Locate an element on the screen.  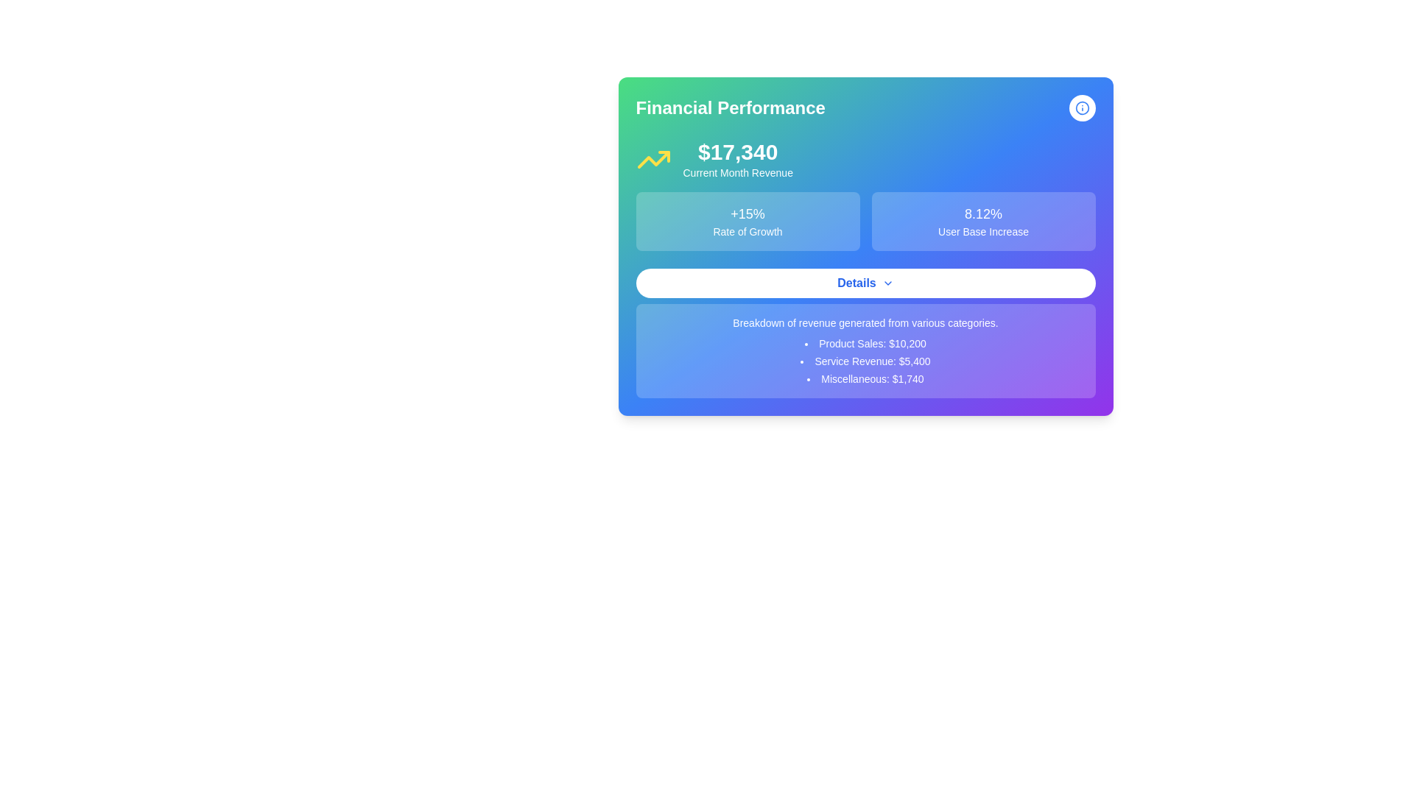
the informational display card that shows the total revenue generated in the current month, located in the top-left section of the 'Financial Performance' card is located at coordinates (865, 159).